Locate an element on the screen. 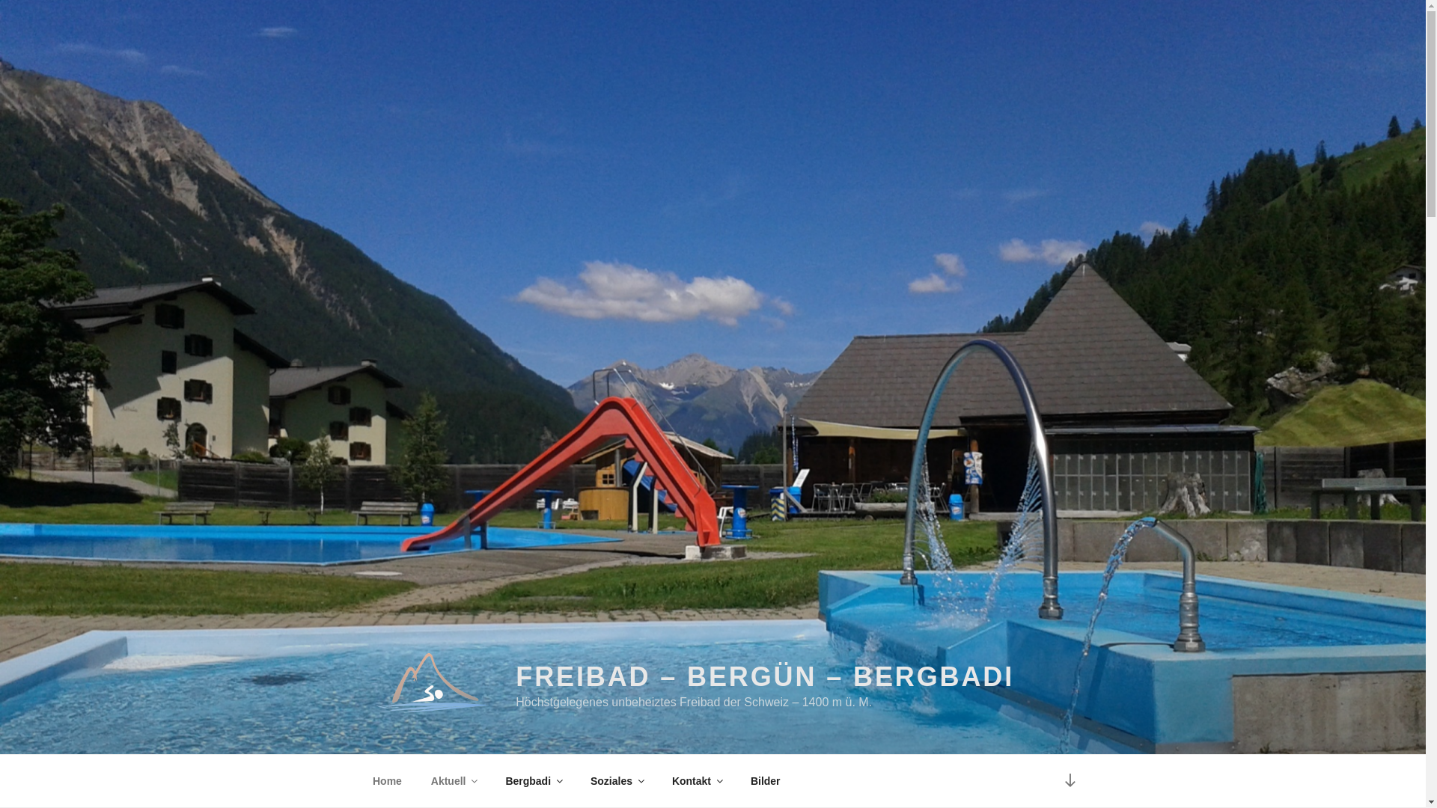 The width and height of the screenshot is (1437, 808). 'Aktuell' is located at coordinates (452, 780).